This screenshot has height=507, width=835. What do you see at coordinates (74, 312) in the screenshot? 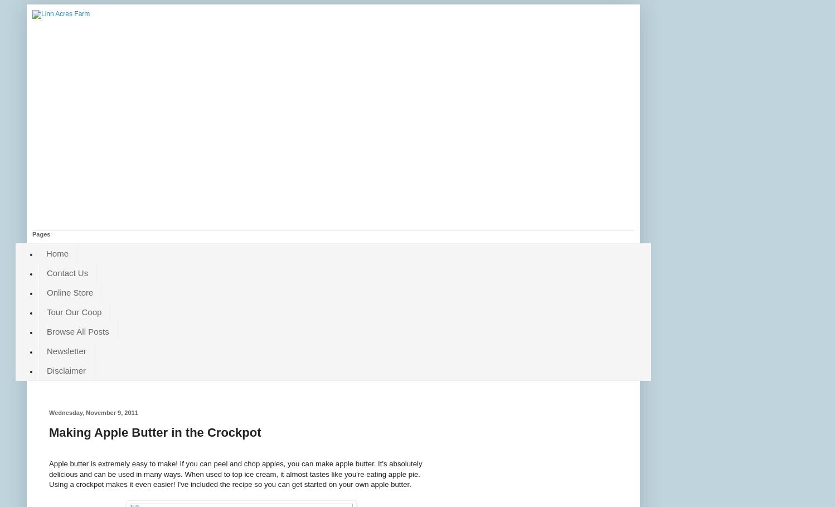
I see `'Tour Our Coop'` at bounding box center [74, 312].